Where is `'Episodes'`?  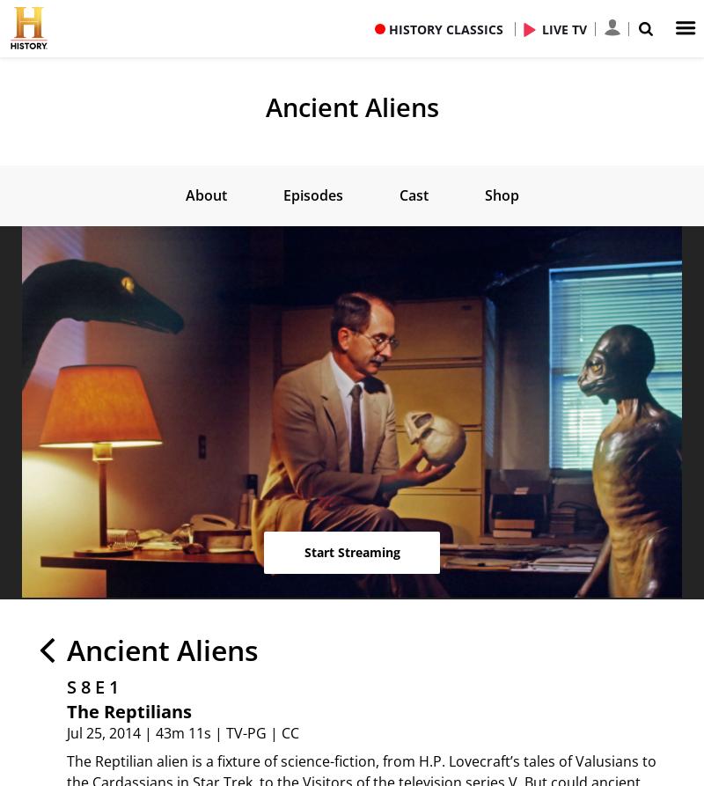
'Episodes' is located at coordinates (312, 194).